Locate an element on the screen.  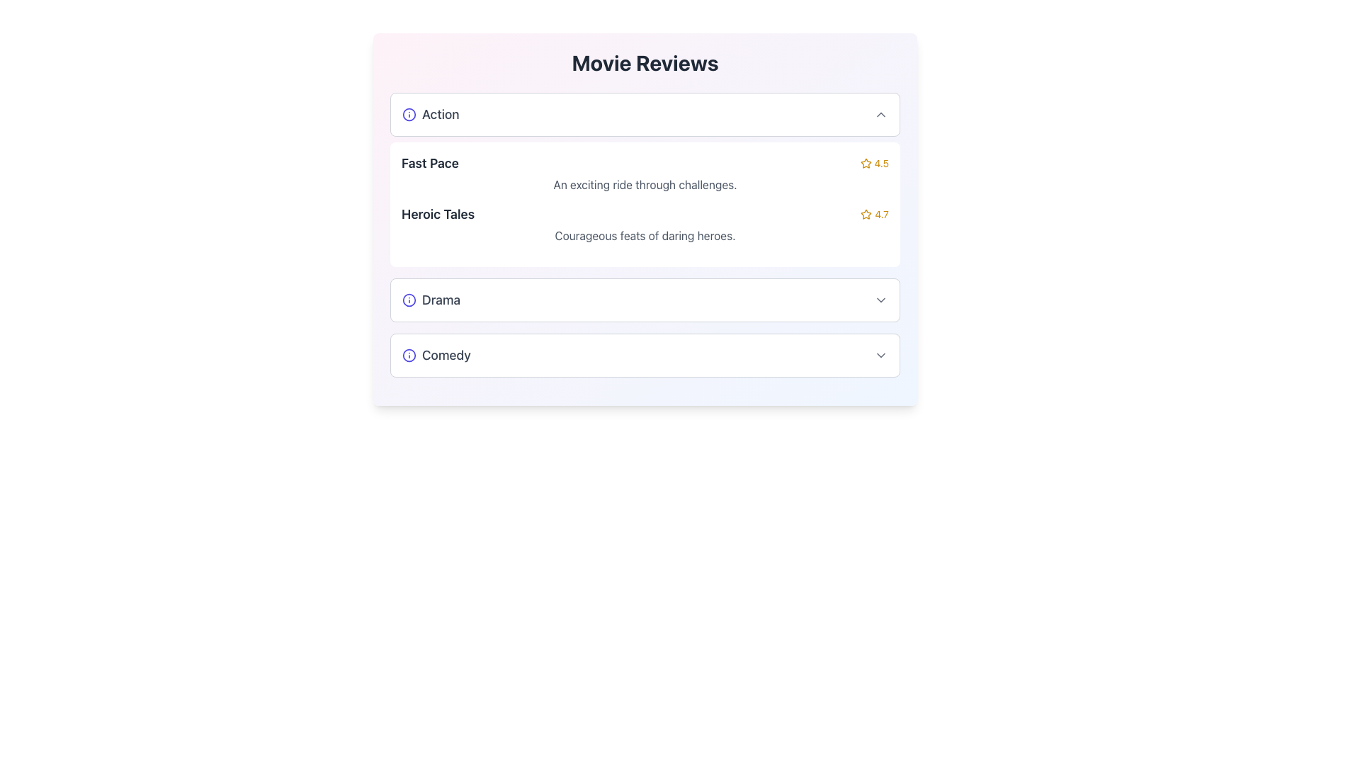
the composite informational display element that provides movie reviews, located under the 'Action' category at the top-center of the interface is located at coordinates (645, 199).